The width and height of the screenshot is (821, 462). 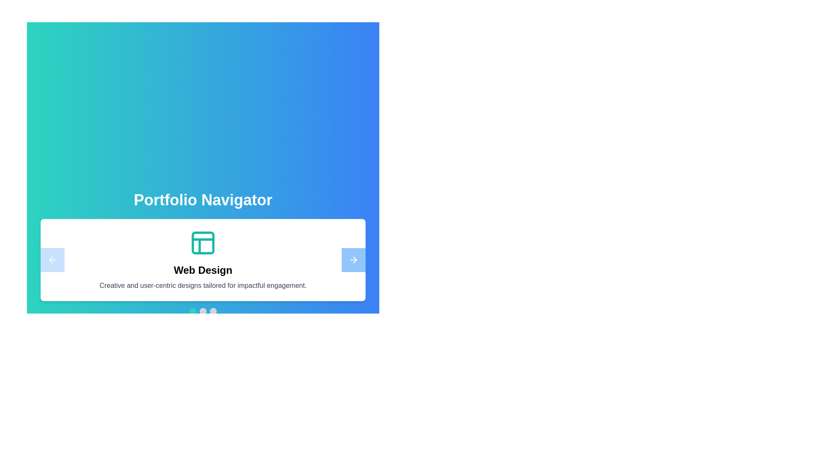 What do you see at coordinates (52, 260) in the screenshot?
I see `the navigation button to move to the left project` at bounding box center [52, 260].